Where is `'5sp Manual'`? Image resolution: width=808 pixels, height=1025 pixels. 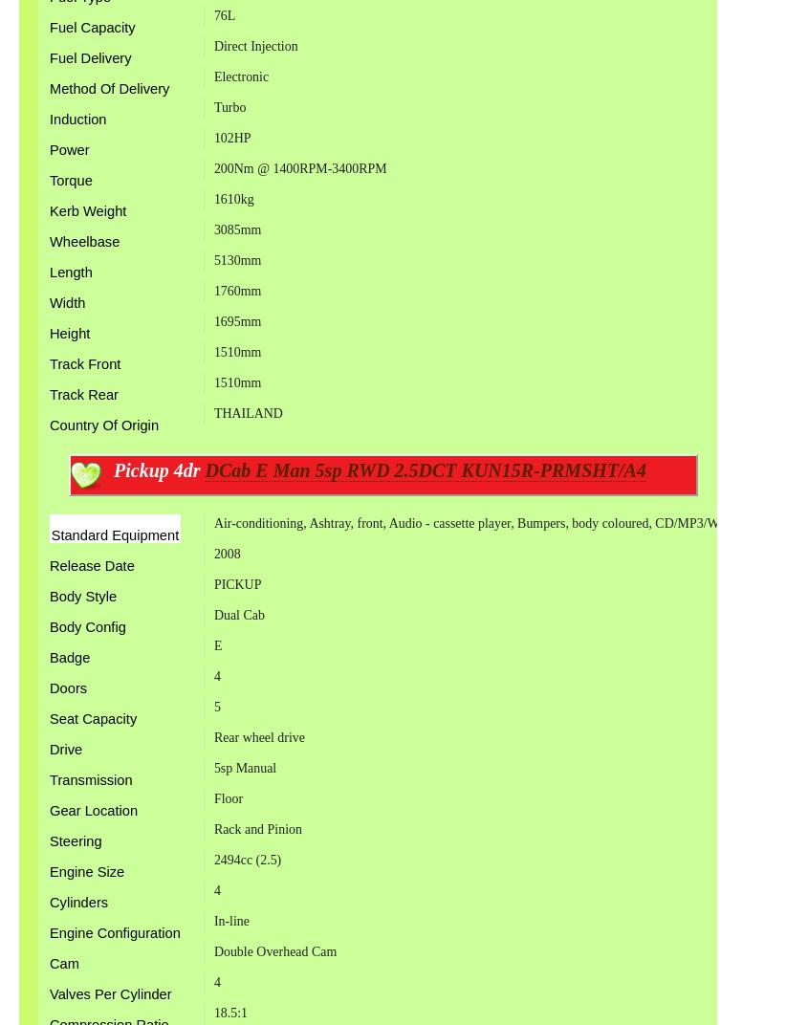
'5sp Manual' is located at coordinates (245, 767).